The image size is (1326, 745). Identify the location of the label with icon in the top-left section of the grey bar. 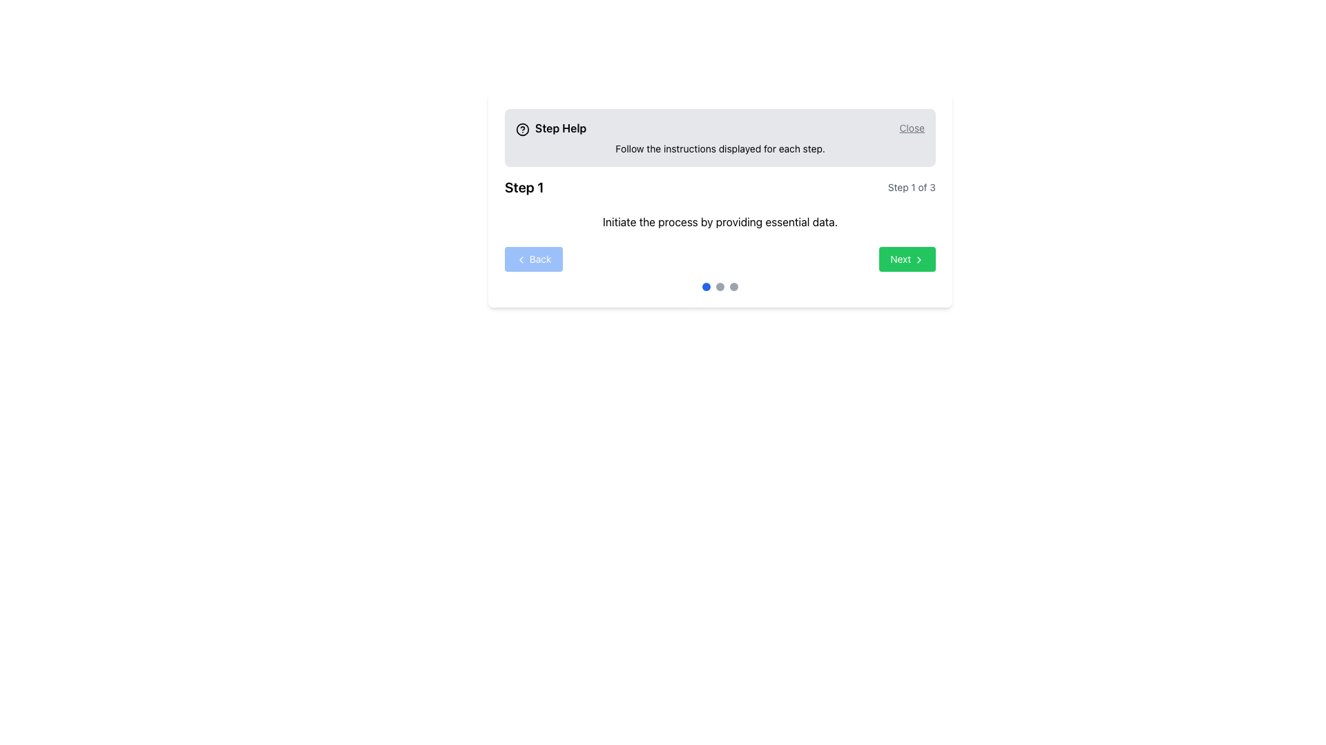
(550, 128).